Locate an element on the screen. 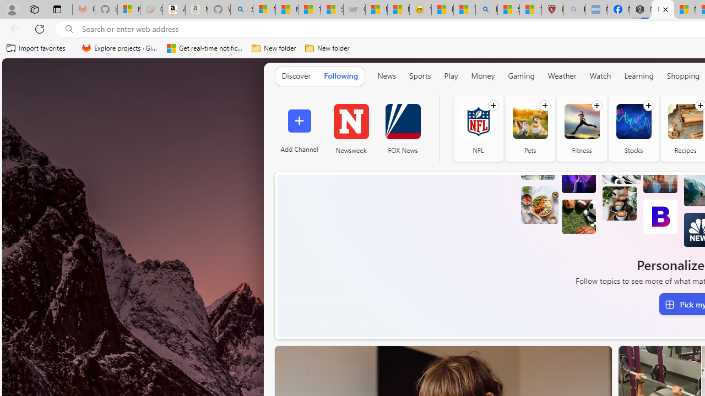 The width and height of the screenshot is (705, 396). 'Stocks' is located at coordinates (633, 121).